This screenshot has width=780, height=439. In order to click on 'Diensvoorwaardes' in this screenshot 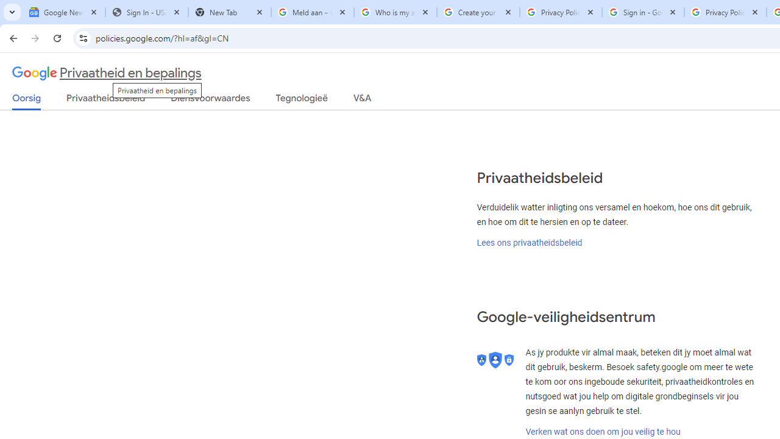, I will do `click(210, 100)`.